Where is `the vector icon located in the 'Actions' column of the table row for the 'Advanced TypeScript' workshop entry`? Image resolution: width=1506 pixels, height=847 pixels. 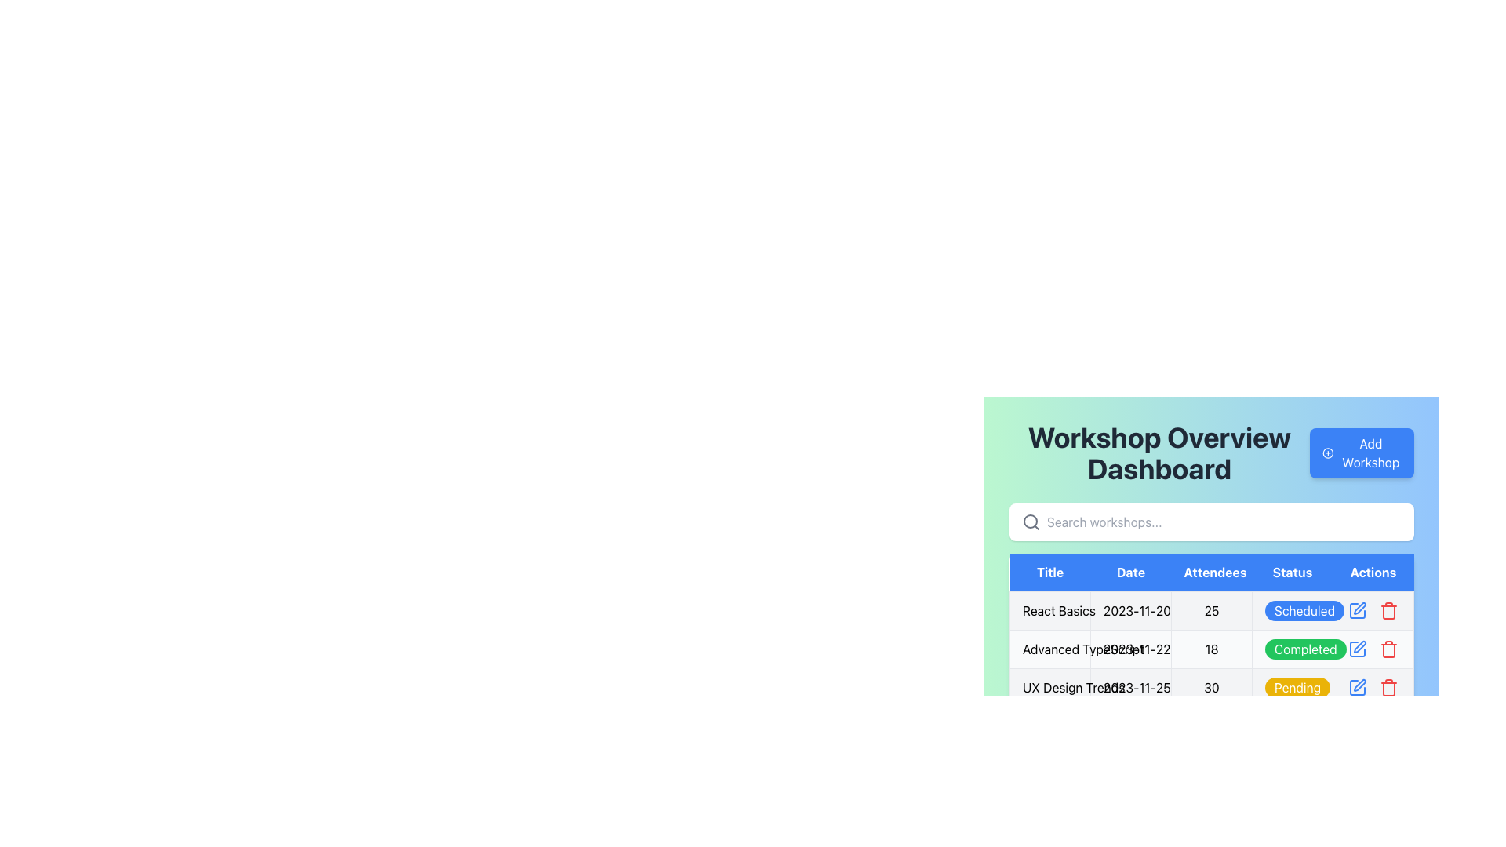 the vector icon located in the 'Actions' column of the table row for the 'Advanced TypeScript' workshop entry is located at coordinates (1357, 649).